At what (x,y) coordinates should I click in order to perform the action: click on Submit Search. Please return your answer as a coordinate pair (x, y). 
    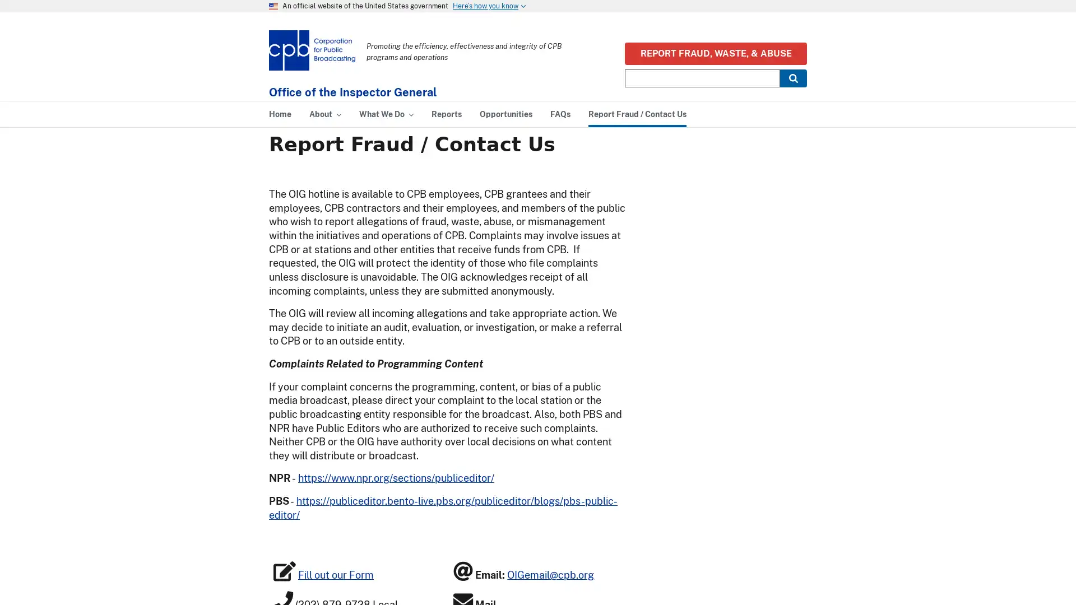
    Looking at the image, I should click on (793, 77).